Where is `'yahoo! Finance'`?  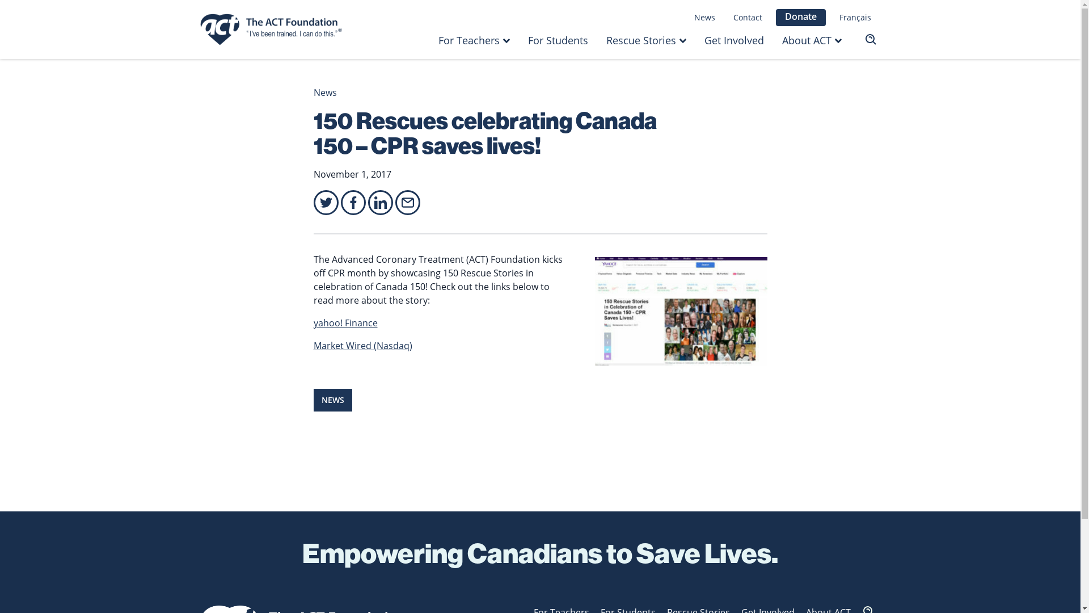
'yahoo! Finance' is located at coordinates (344, 323).